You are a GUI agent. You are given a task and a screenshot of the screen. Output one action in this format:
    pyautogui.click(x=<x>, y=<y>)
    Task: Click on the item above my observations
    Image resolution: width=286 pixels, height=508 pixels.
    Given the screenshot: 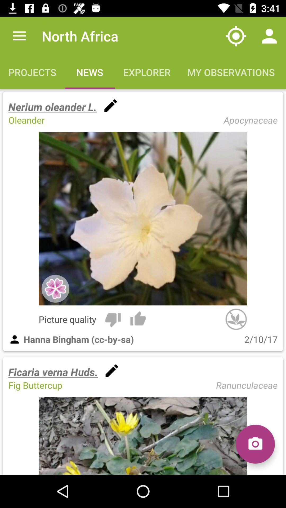 What is the action you would take?
    pyautogui.click(x=236, y=36)
    